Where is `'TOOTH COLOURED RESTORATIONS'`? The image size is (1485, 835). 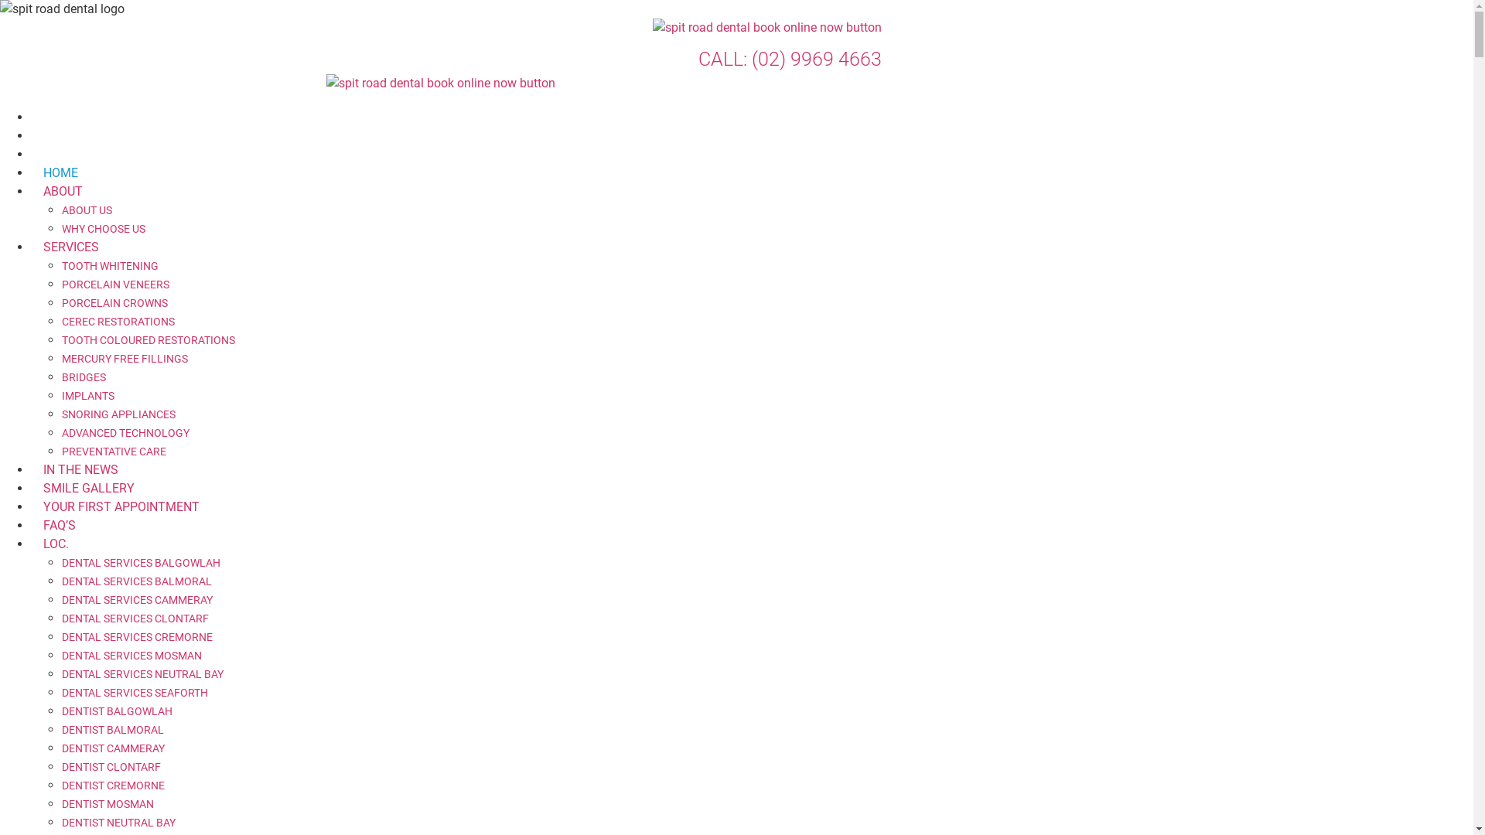 'TOOTH COLOURED RESTORATIONS' is located at coordinates (148, 339).